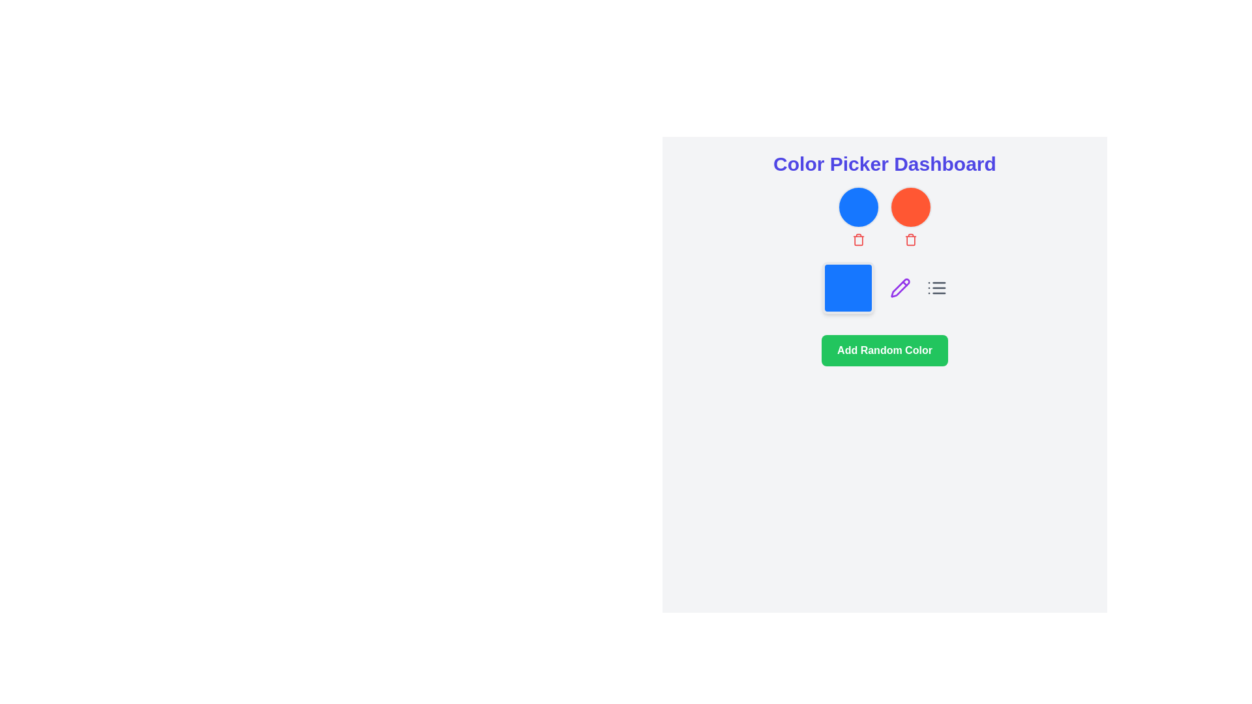 This screenshot has width=1252, height=704. I want to click on the Composite UI component featuring a circular orange display and a red trash can icon, located in the second column of the top row, so click(910, 215).